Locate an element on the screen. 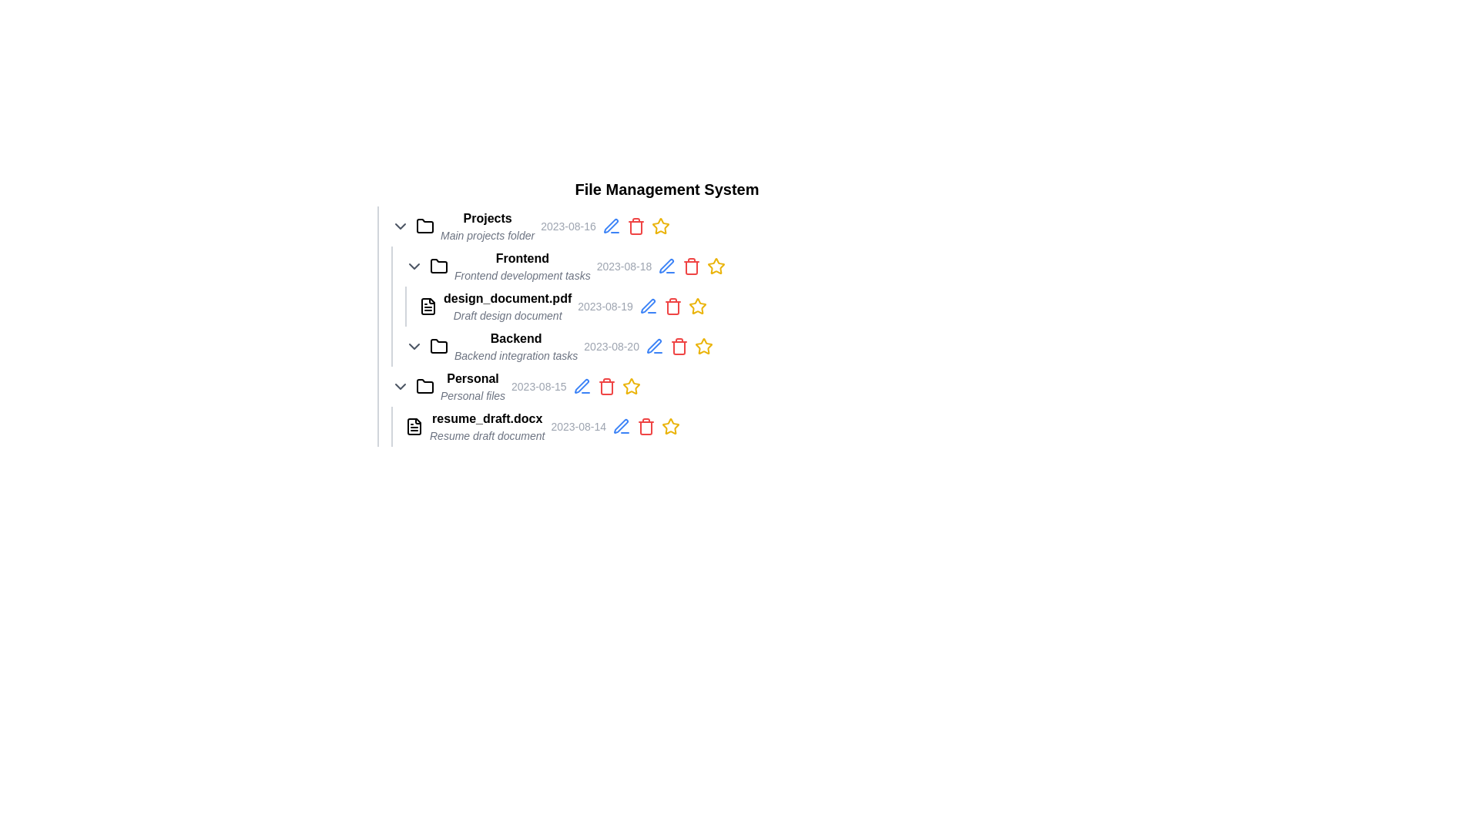 The image size is (1479, 832). text label providing additional descriptive information about the file named 'design_document.pdf', located below its sibling text in the 'Frontend' folder is located at coordinates (508, 314).